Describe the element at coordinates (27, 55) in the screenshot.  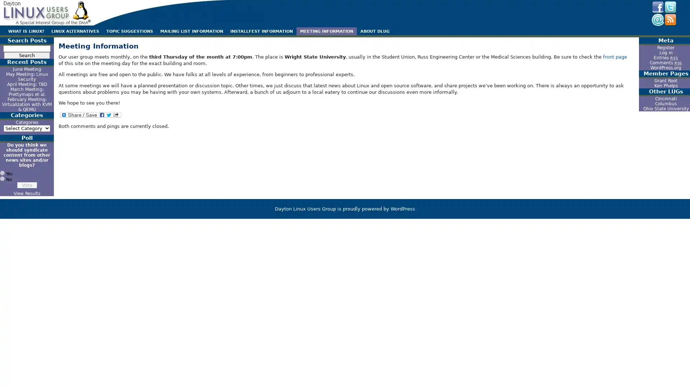
I see `Search` at that location.